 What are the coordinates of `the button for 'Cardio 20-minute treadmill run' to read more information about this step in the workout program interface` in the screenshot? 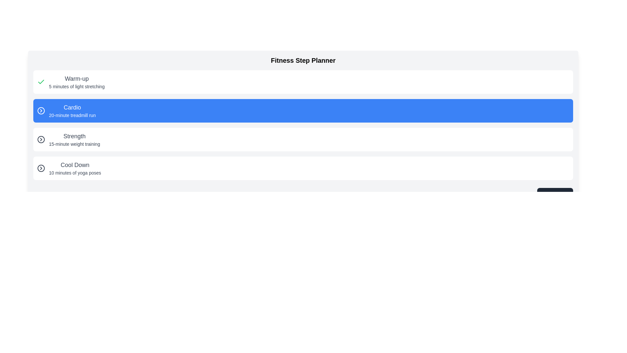 It's located at (303, 110).